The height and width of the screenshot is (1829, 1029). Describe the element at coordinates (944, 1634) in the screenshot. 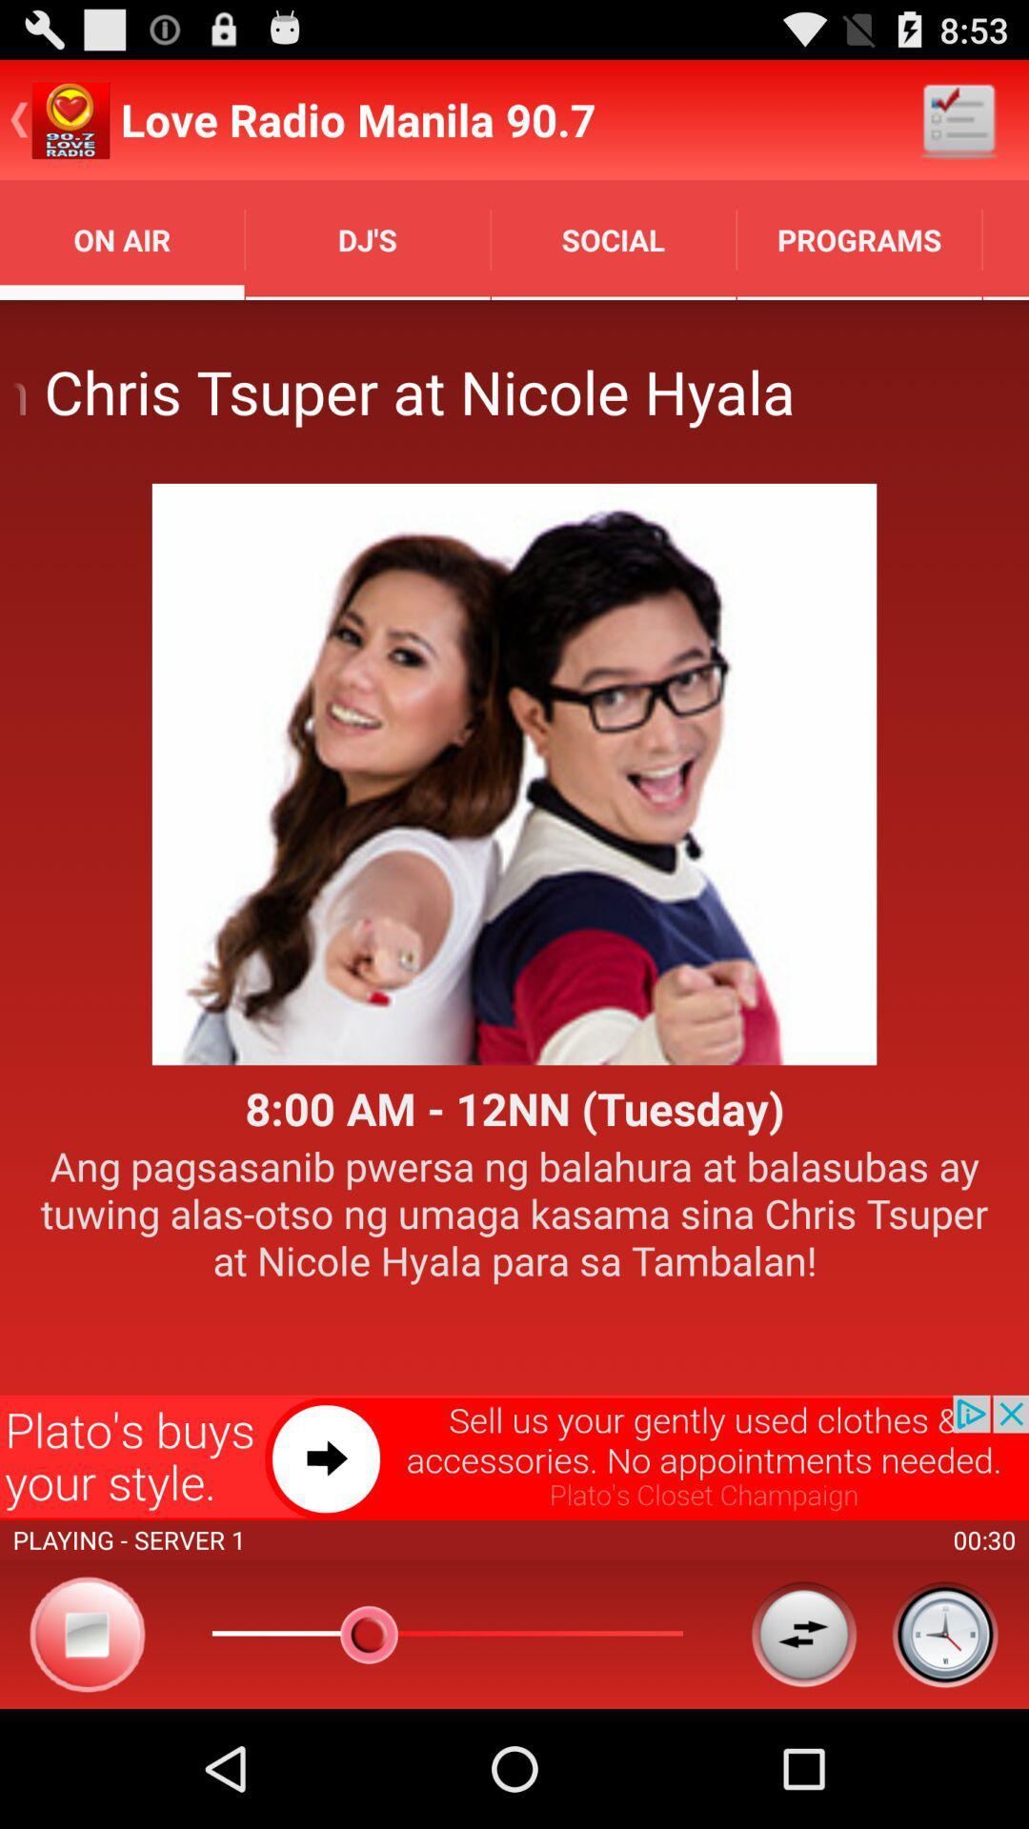

I see `the icon bottom right corner` at that location.